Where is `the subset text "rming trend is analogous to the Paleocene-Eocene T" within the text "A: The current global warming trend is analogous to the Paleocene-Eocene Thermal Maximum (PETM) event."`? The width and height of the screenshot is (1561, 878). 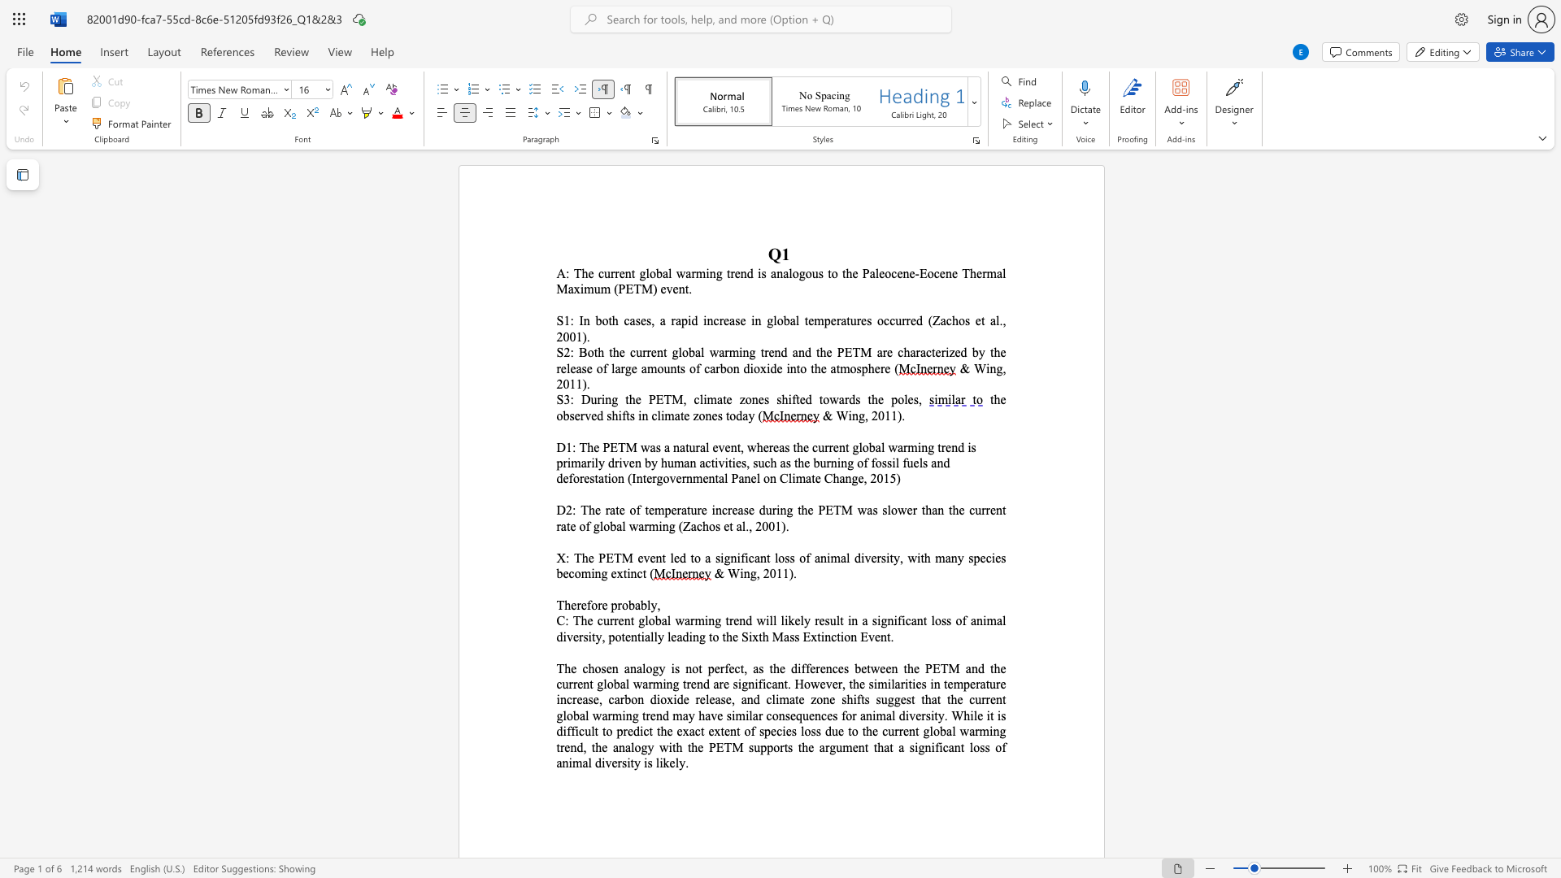 the subset text "rming trend is analogous to the Paleocene-Eocene T" within the text "A: The current global warming trend is analogous to the Paleocene-Eocene Thermal Maximum (PETM) event." is located at coordinates (691, 272).